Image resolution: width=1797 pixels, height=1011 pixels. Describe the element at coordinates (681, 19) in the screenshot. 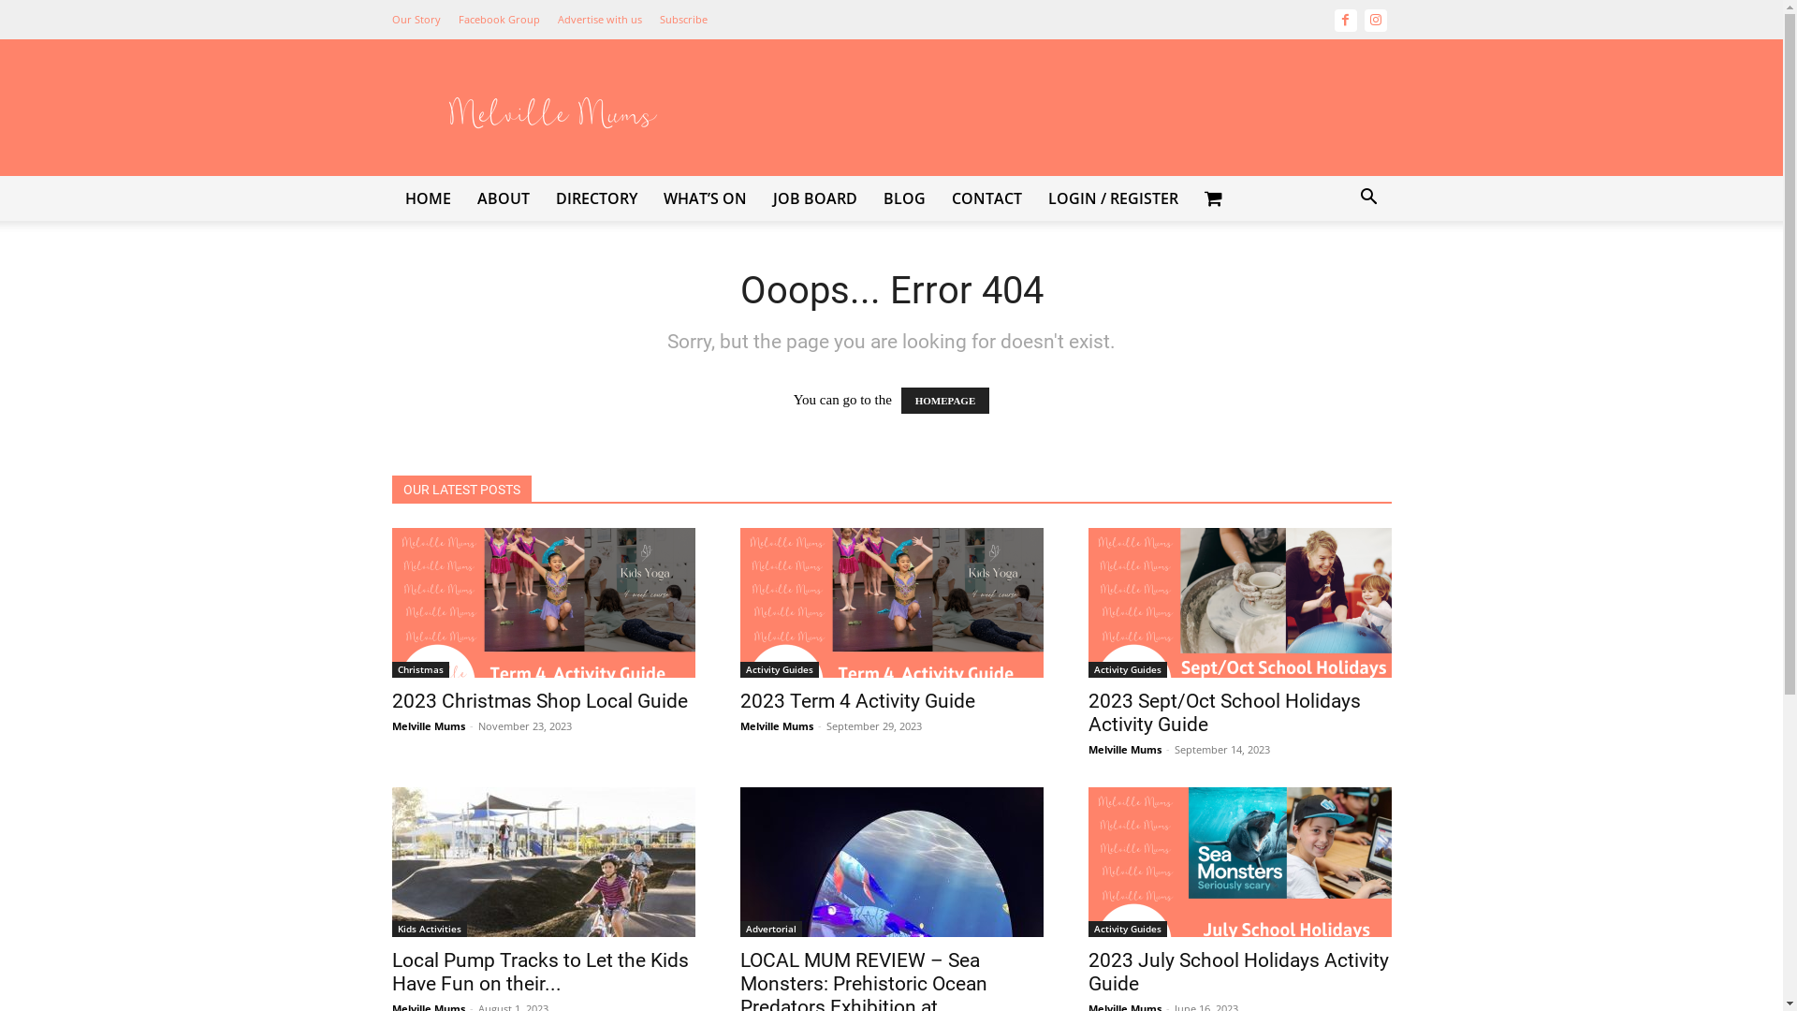

I see `'Subscribe'` at that location.